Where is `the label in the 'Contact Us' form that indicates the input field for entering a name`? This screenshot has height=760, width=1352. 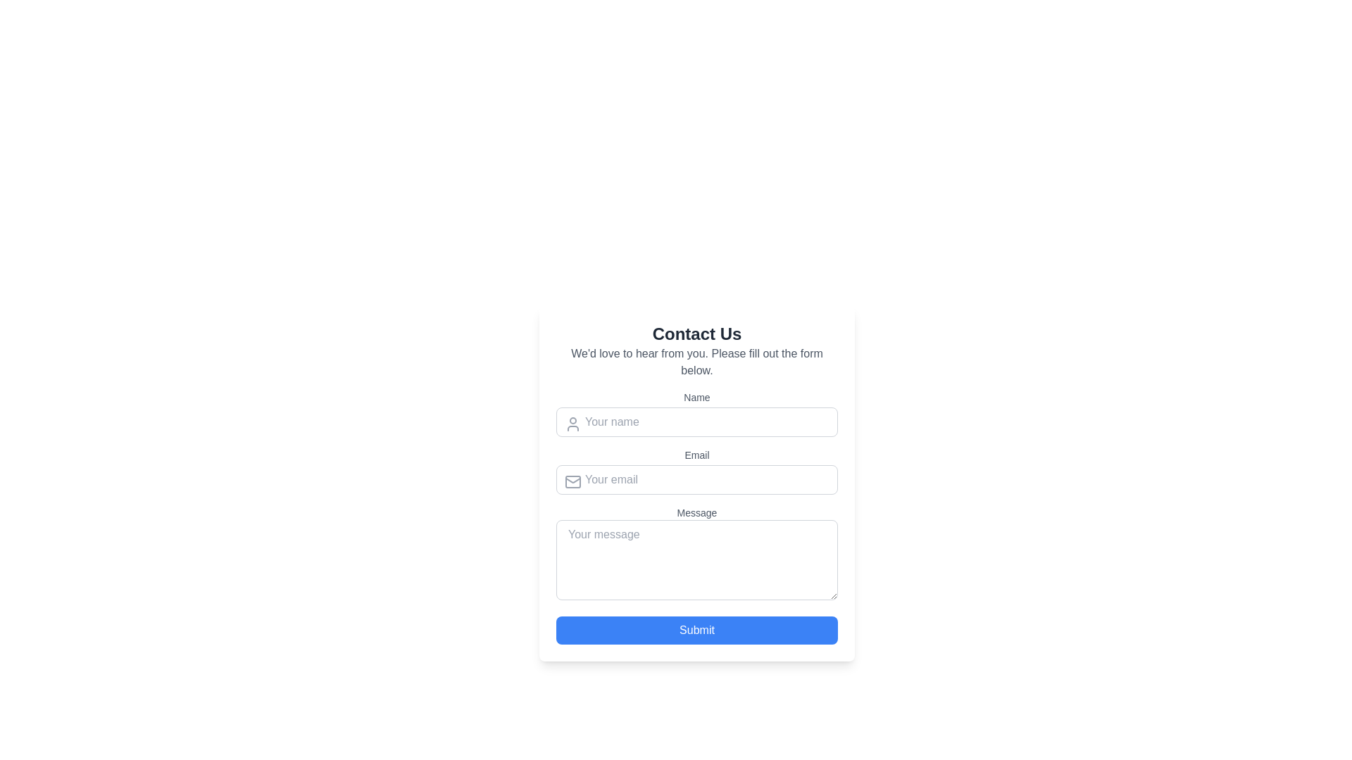
the label in the 'Contact Us' form that indicates the input field for entering a name is located at coordinates (696, 397).